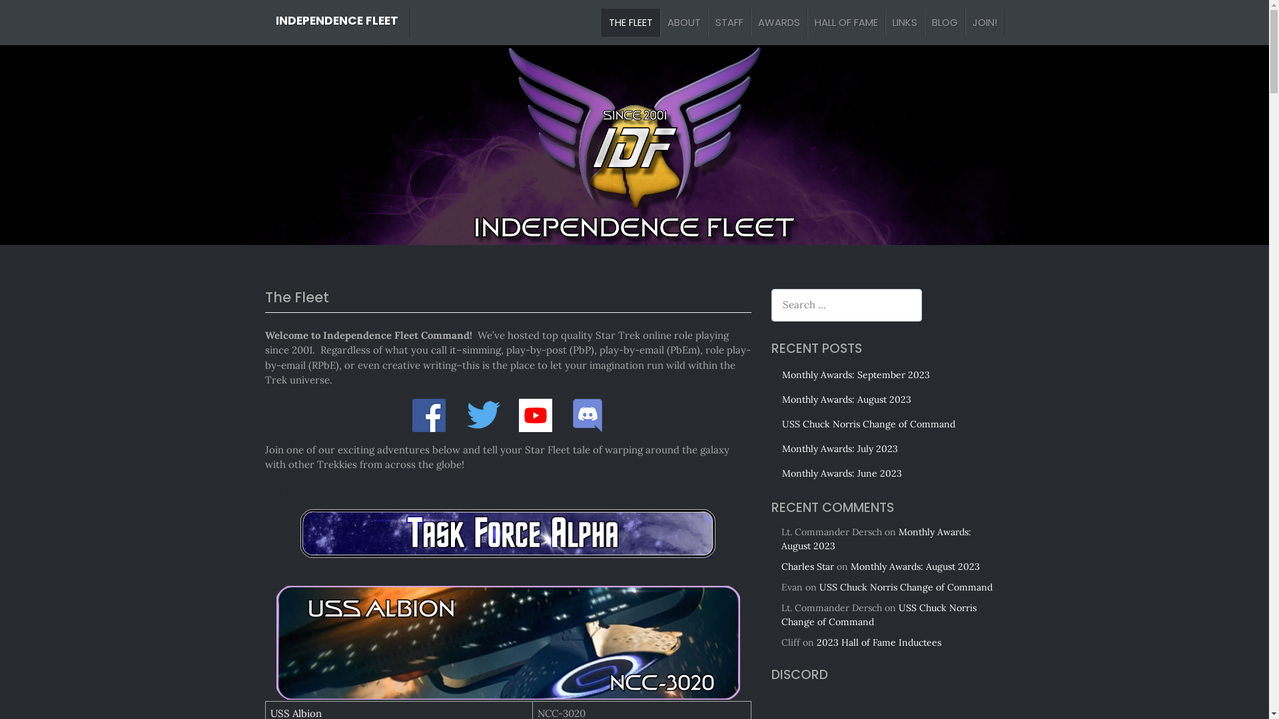  What do you see at coordinates (879, 641) in the screenshot?
I see `'2023 Hall of Fame Inductees'` at bounding box center [879, 641].